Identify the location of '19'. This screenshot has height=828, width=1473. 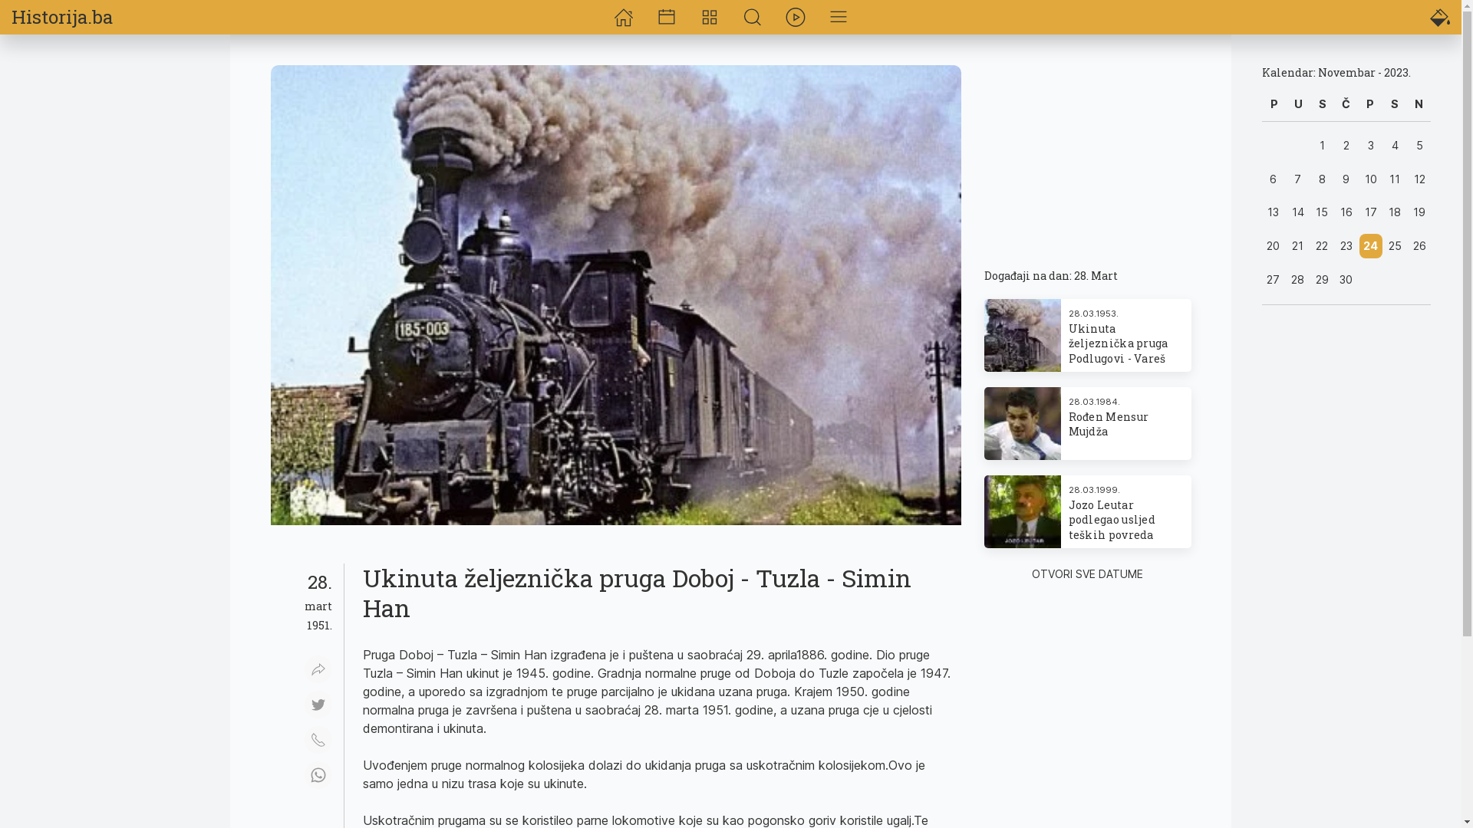
(1418, 212).